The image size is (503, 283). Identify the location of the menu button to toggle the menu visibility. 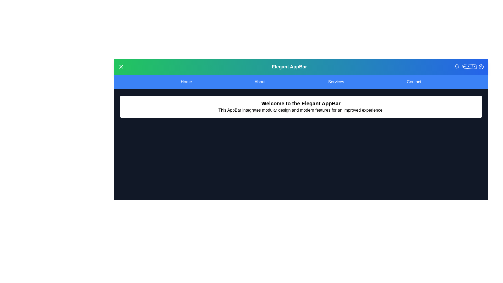
(121, 66).